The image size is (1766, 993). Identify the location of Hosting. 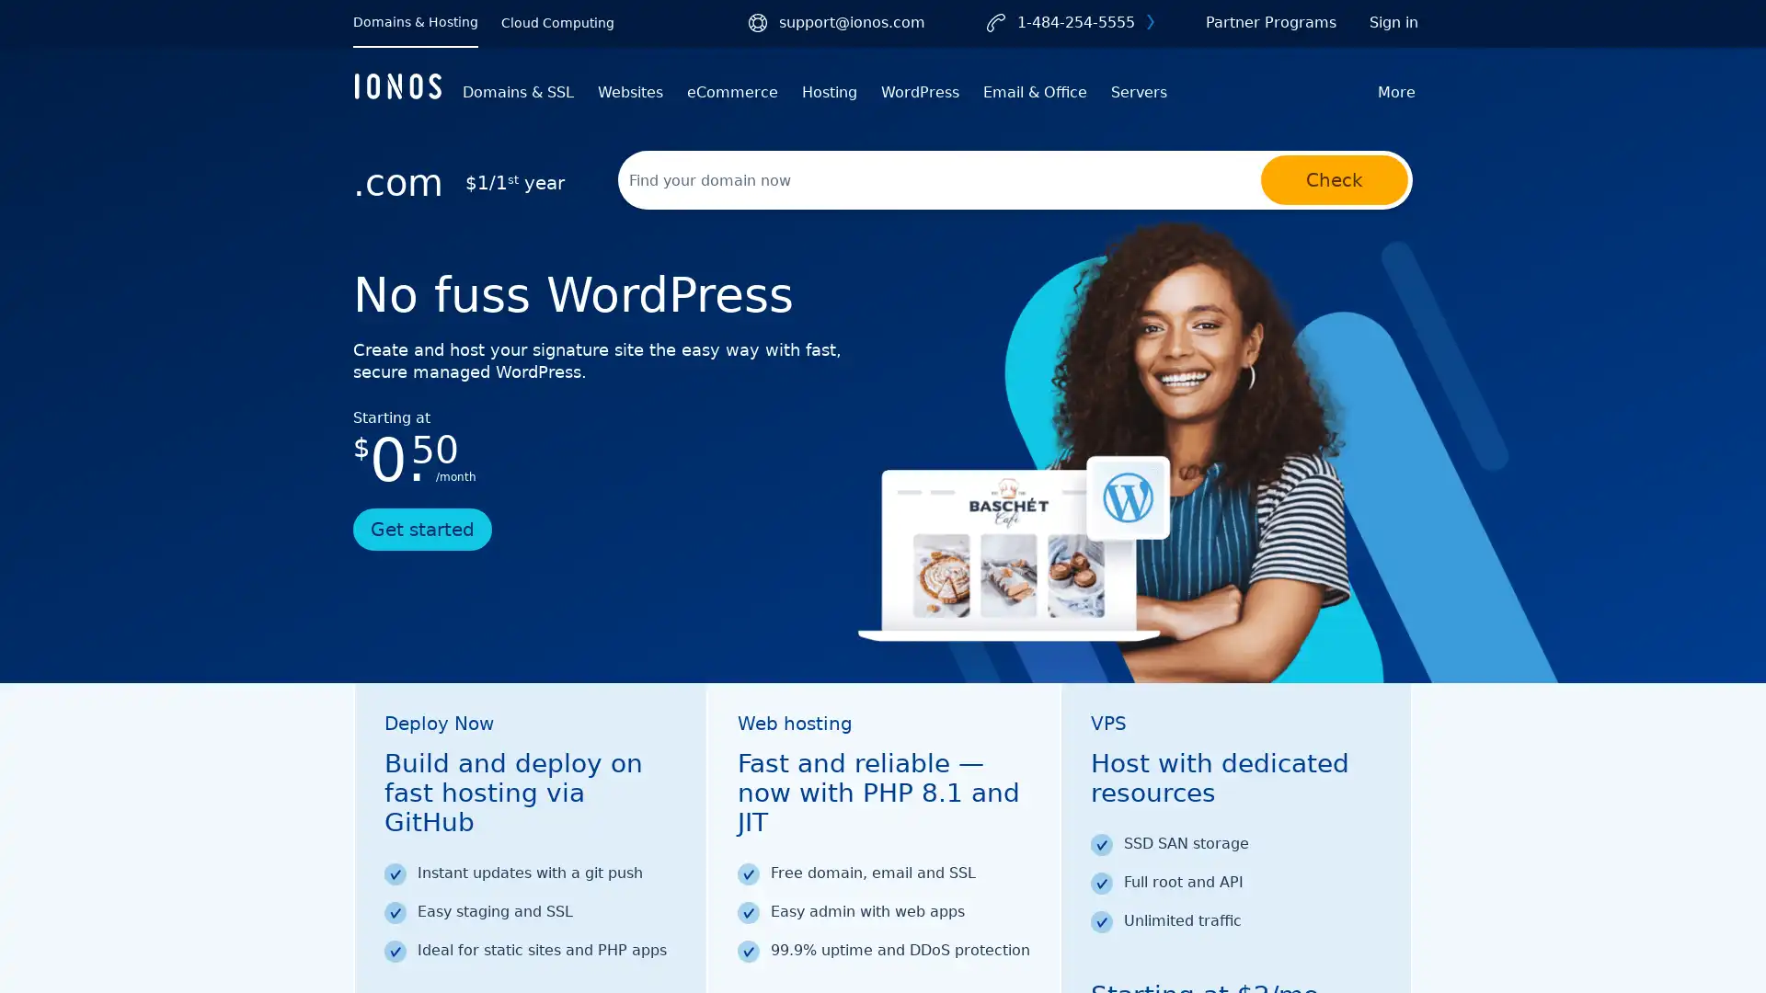
(829, 92).